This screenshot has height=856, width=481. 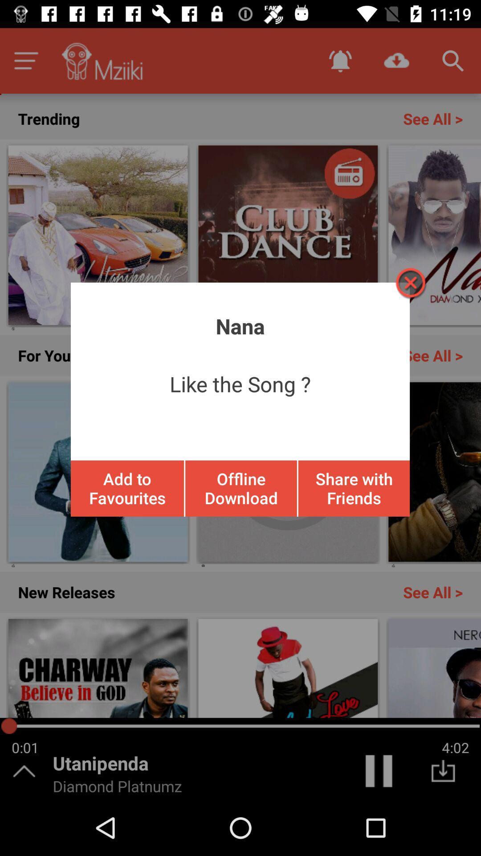 I want to click on icon above the nana item, so click(x=410, y=282).